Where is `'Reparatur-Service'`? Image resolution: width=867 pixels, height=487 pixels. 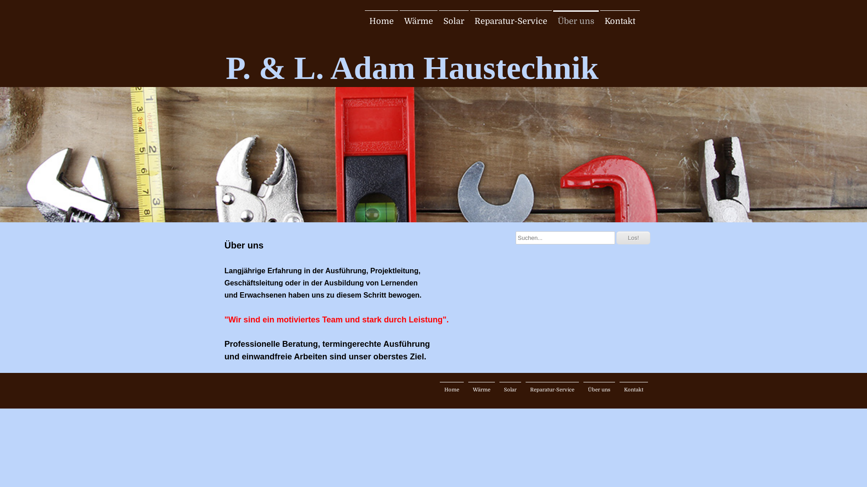
'Reparatur-Service' is located at coordinates (511, 20).